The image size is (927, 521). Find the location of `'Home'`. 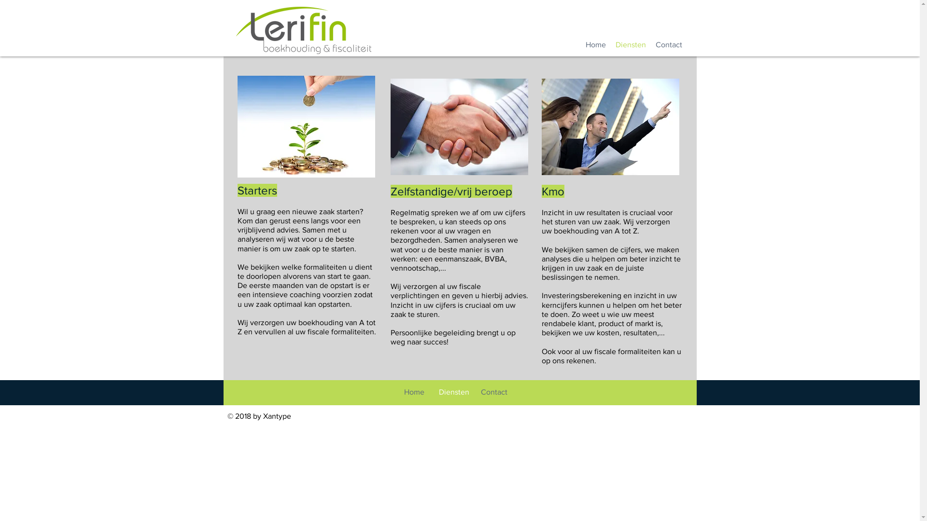

'Home' is located at coordinates (394, 392).